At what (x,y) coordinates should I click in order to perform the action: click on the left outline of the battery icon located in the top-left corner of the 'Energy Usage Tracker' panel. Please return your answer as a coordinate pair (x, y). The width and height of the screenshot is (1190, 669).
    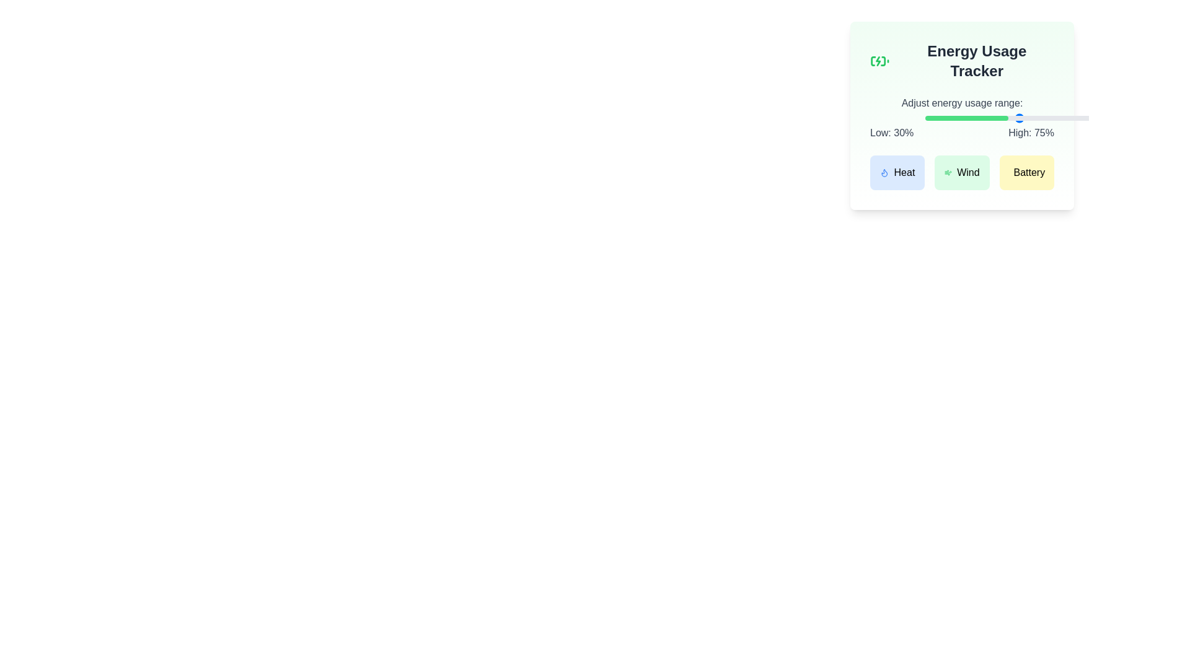
    Looking at the image, I should click on (873, 61).